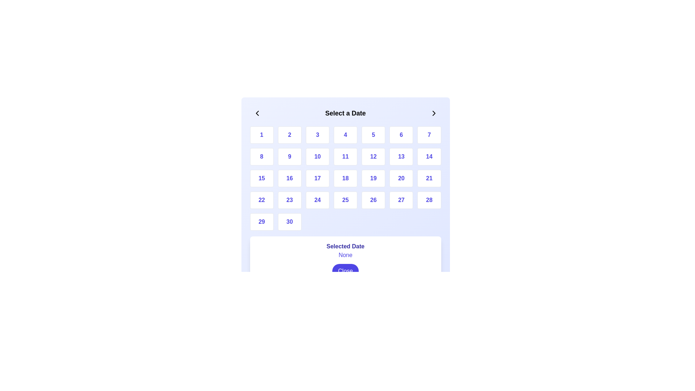 This screenshot has height=391, width=695. Describe the element at coordinates (345, 156) in the screenshot. I see `the button in the calendar interface` at that location.